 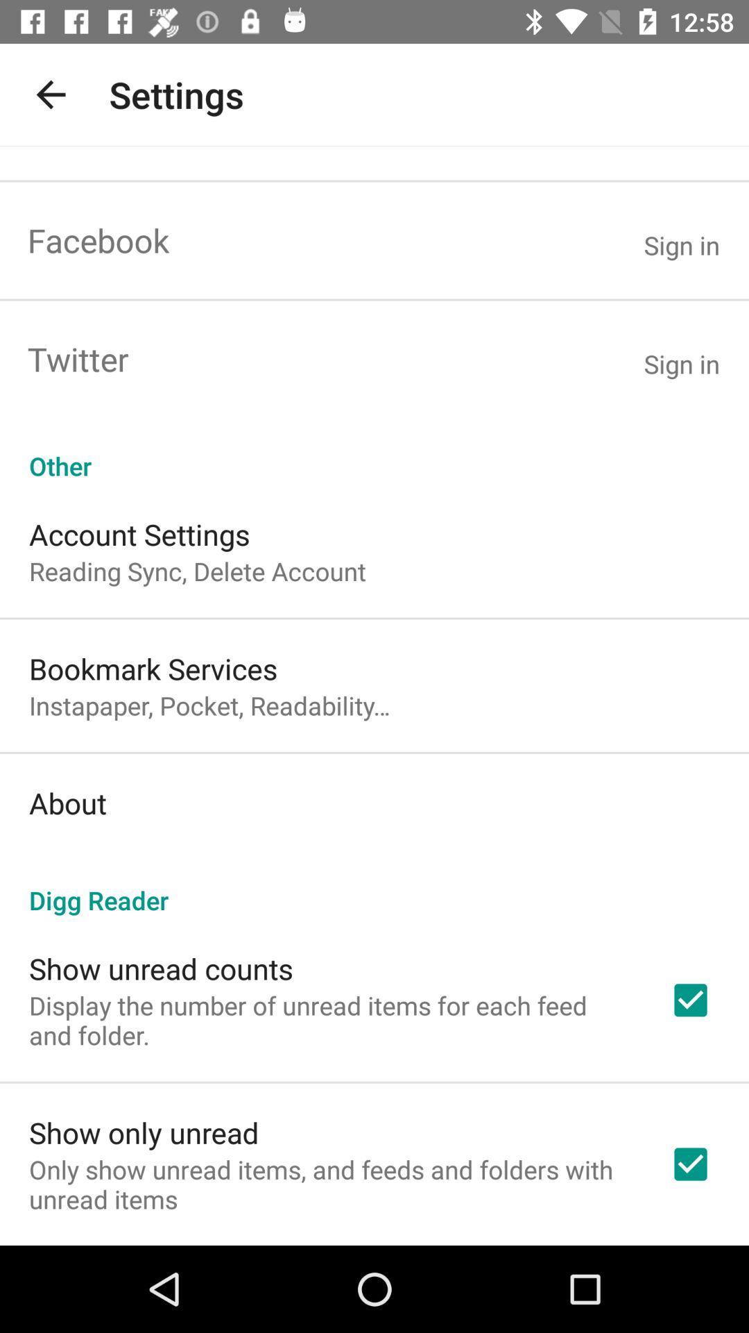 What do you see at coordinates (153, 669) in the screenshot?
I see `bookmark services icon` at bounding box center [153, 669].